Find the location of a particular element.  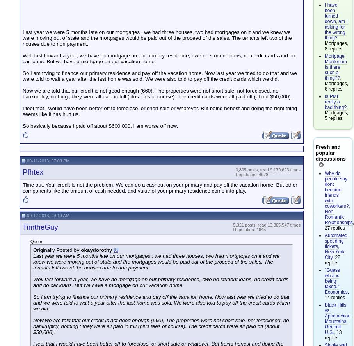

'okaydorothy' is located at coordinates (96, 250).